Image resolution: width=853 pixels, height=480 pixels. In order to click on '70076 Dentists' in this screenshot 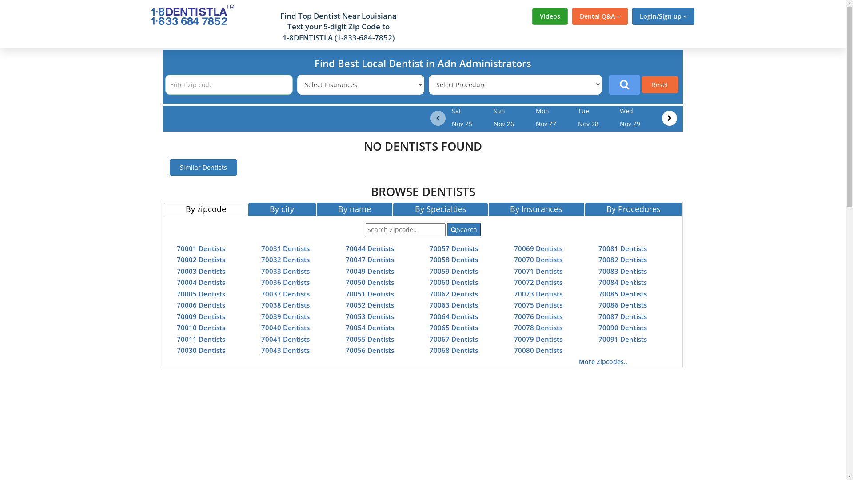, I will do `click(538, 316)`.